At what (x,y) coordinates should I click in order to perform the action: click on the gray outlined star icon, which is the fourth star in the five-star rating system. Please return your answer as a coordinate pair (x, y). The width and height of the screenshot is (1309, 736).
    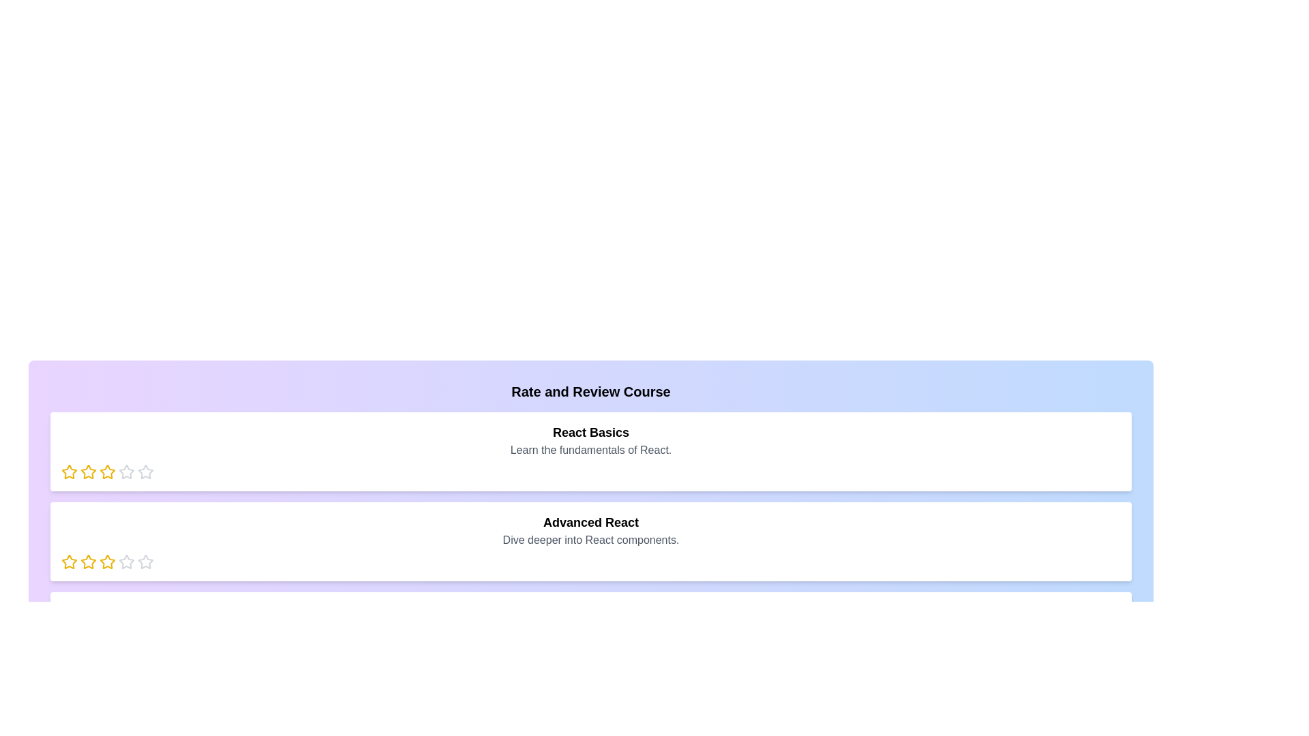
    Looking at the image, I should click on (146, 562).